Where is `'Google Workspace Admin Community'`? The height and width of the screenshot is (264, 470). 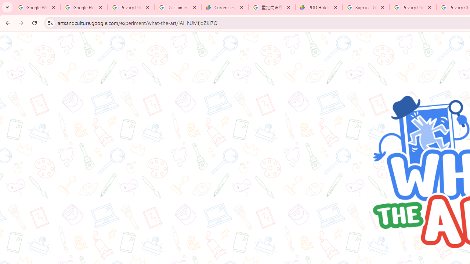
'Google Workspace Admin Community' is located at coordinates (37, 7).